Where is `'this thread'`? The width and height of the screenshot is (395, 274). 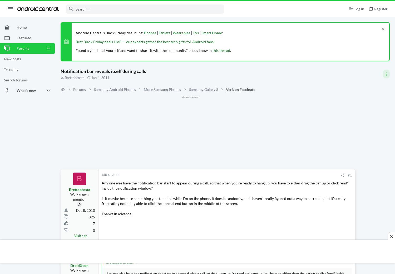
'this thread' is located at coordinates (221, 50).